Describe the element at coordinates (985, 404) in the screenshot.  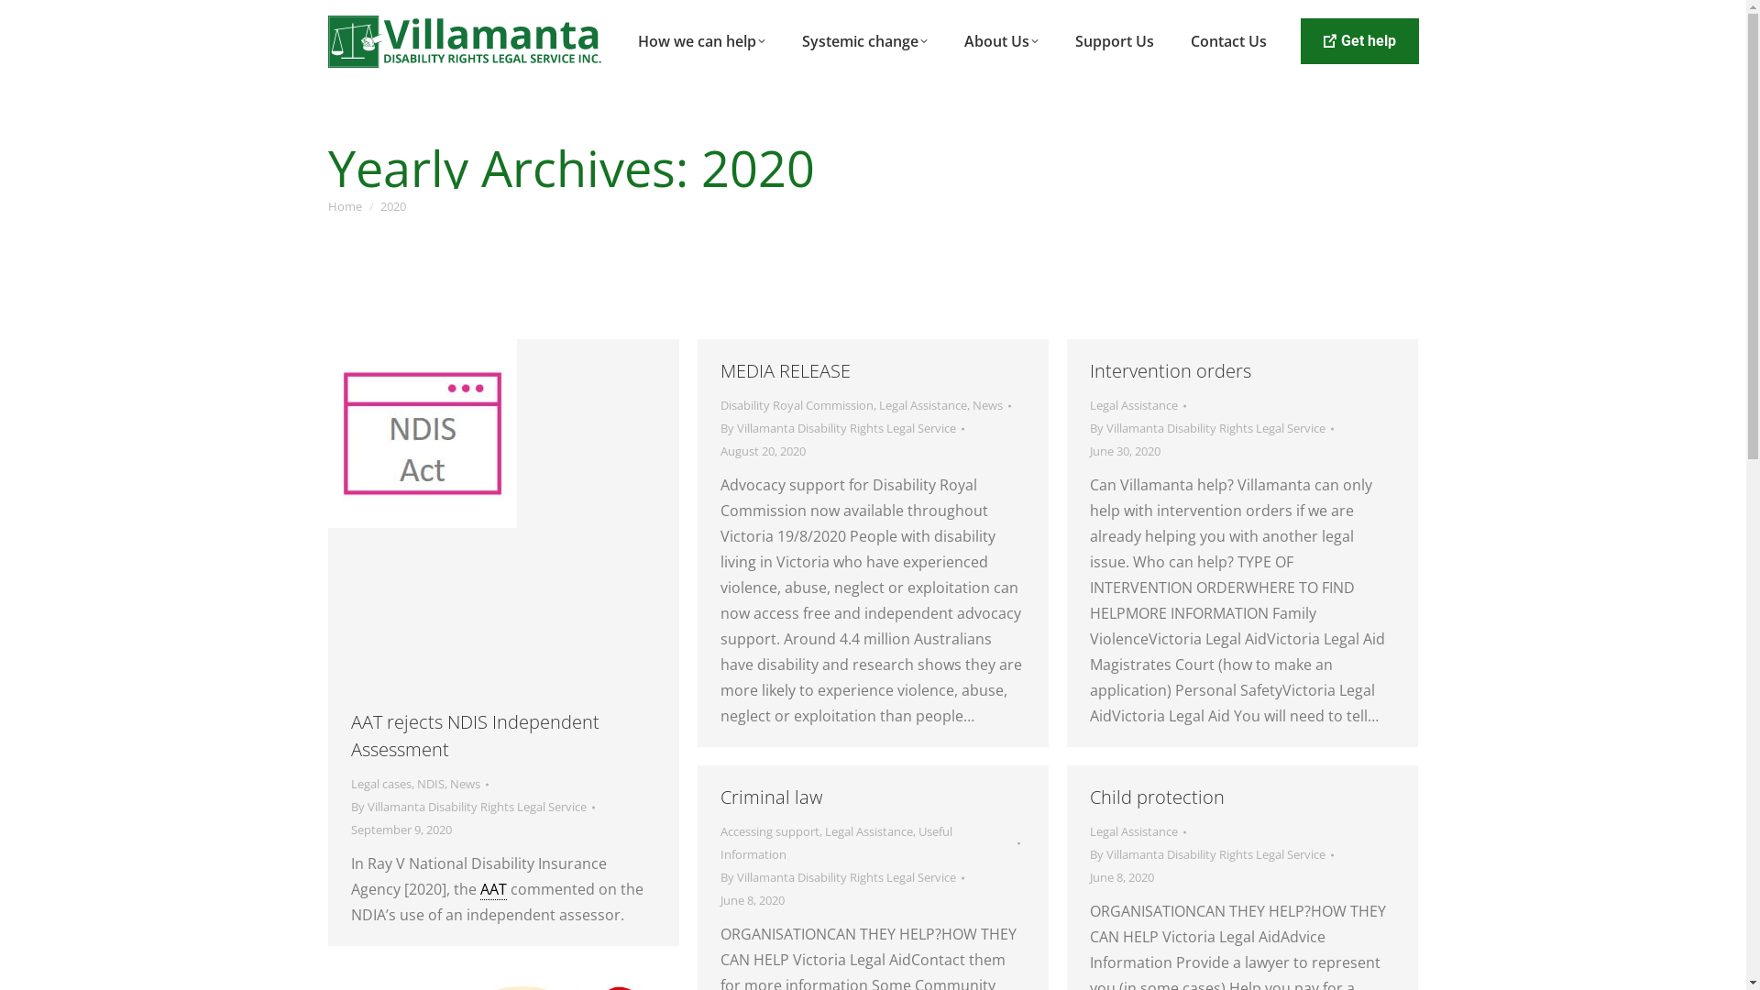
I see `'News'` at that location.